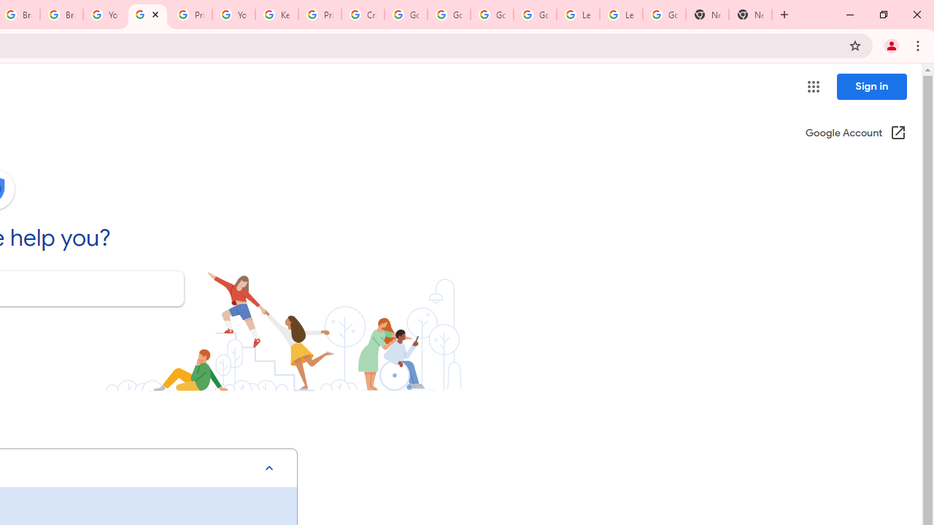  What do you see at coordinates (104, 15) in the screenshot?
I see `'YouTube'` at bounding box center [104, 15].